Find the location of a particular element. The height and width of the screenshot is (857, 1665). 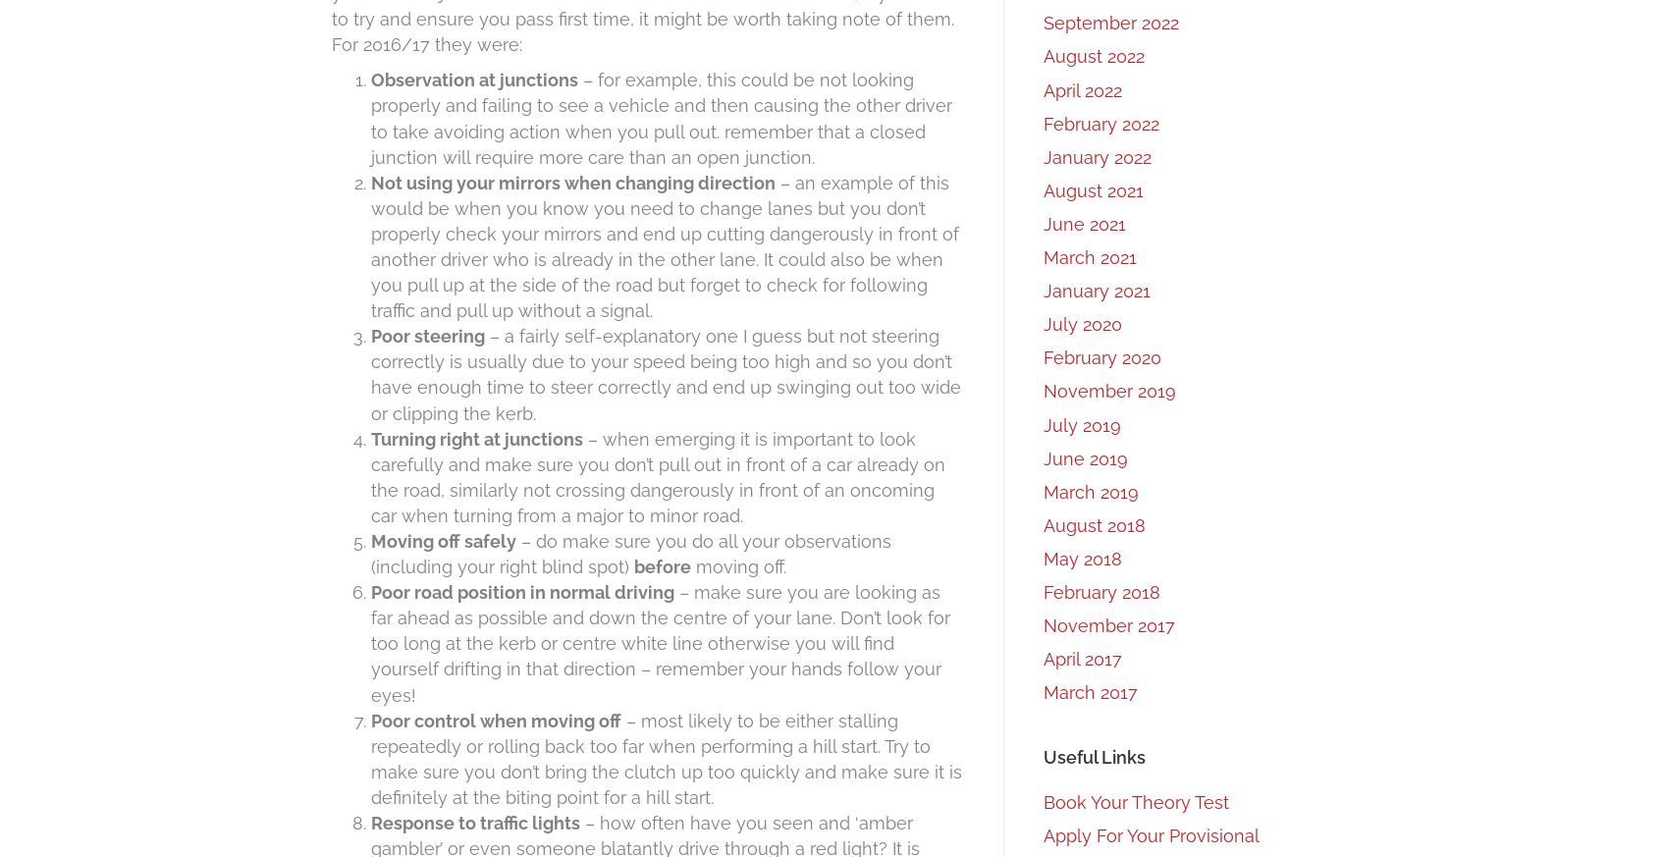

'April 2017' is located at coordinates (1082, 659).